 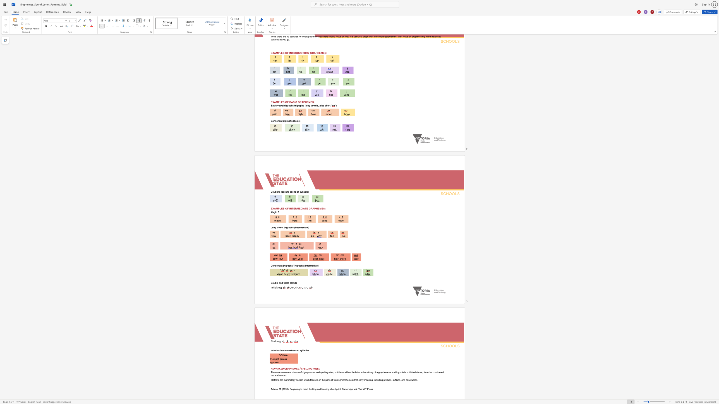 I want to click on the space between the continuous character "d" and "i" in the text, so click(x=379, y=380).